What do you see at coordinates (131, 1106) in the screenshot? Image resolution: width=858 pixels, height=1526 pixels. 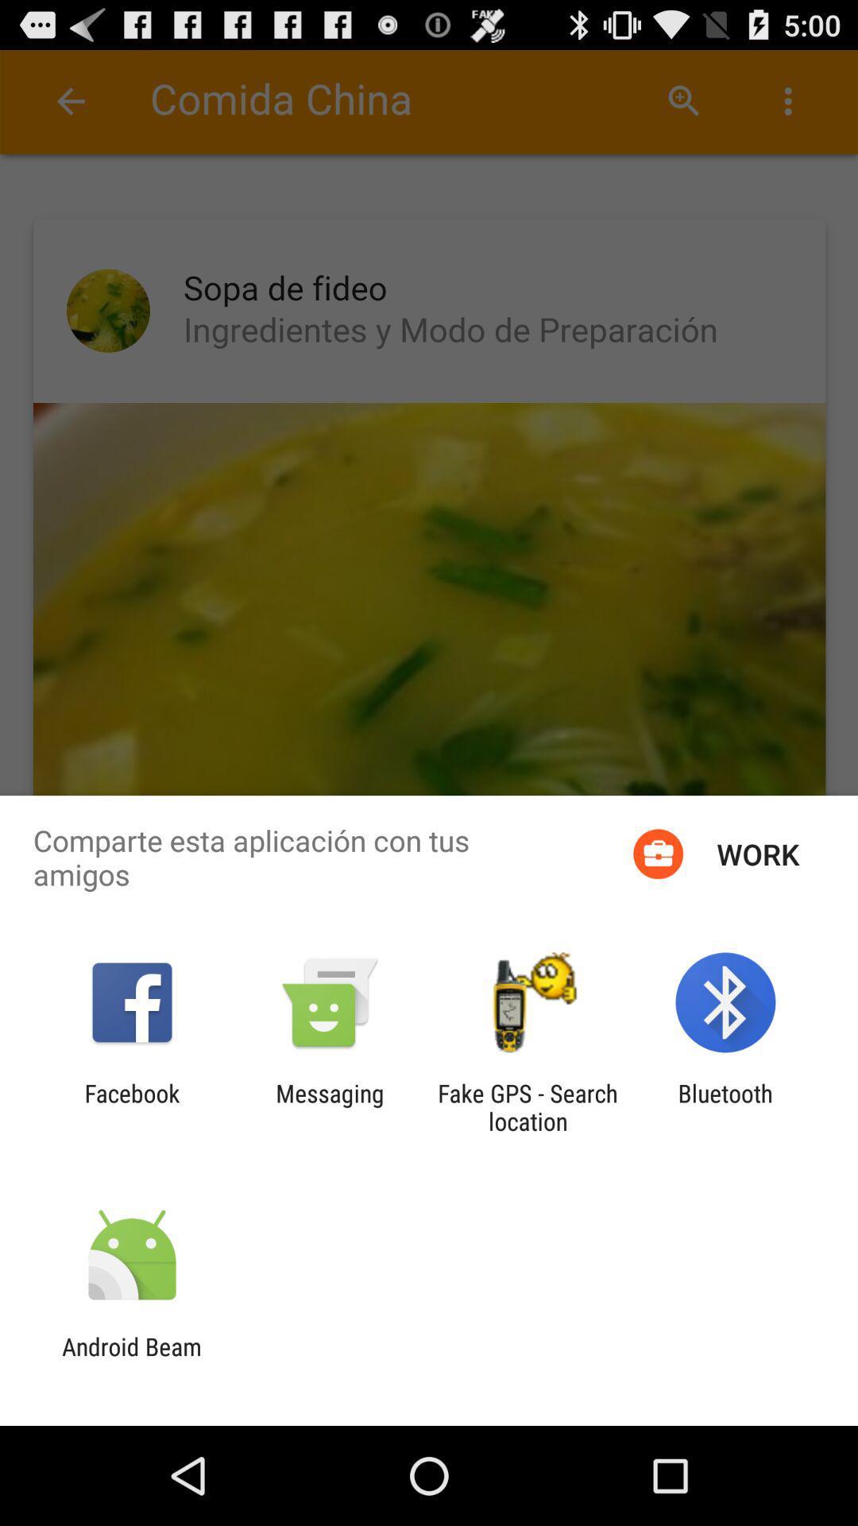 I see `the facebook icon` at bounding box center [131, 1106].